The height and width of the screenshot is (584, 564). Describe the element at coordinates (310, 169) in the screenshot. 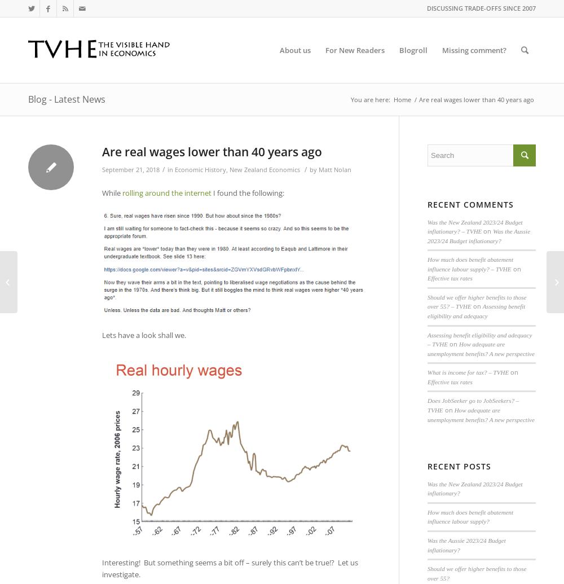

I see `'by'` at that location.